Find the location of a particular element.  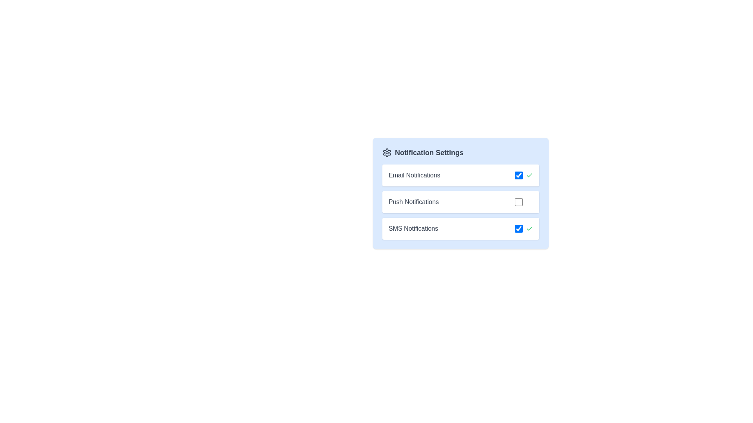

the 'SMS Notifications' text label in the notification settings module, which is styled with a modern typographic style and displayed in a gray font is located at coordinates (413, 228).